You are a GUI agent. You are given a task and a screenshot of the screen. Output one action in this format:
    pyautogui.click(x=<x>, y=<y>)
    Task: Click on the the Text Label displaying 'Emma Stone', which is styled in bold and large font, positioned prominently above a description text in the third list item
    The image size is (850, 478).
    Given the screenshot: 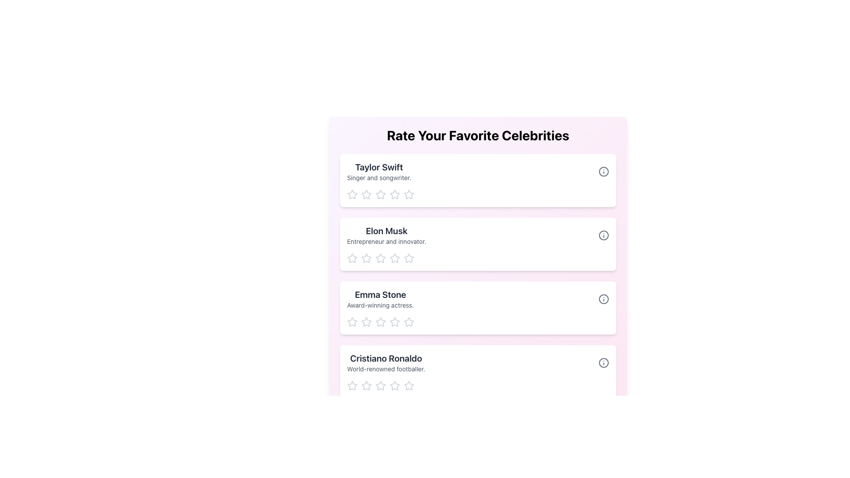 What is the action you would take?
    pyautogui.click(x=380, y=295)
    